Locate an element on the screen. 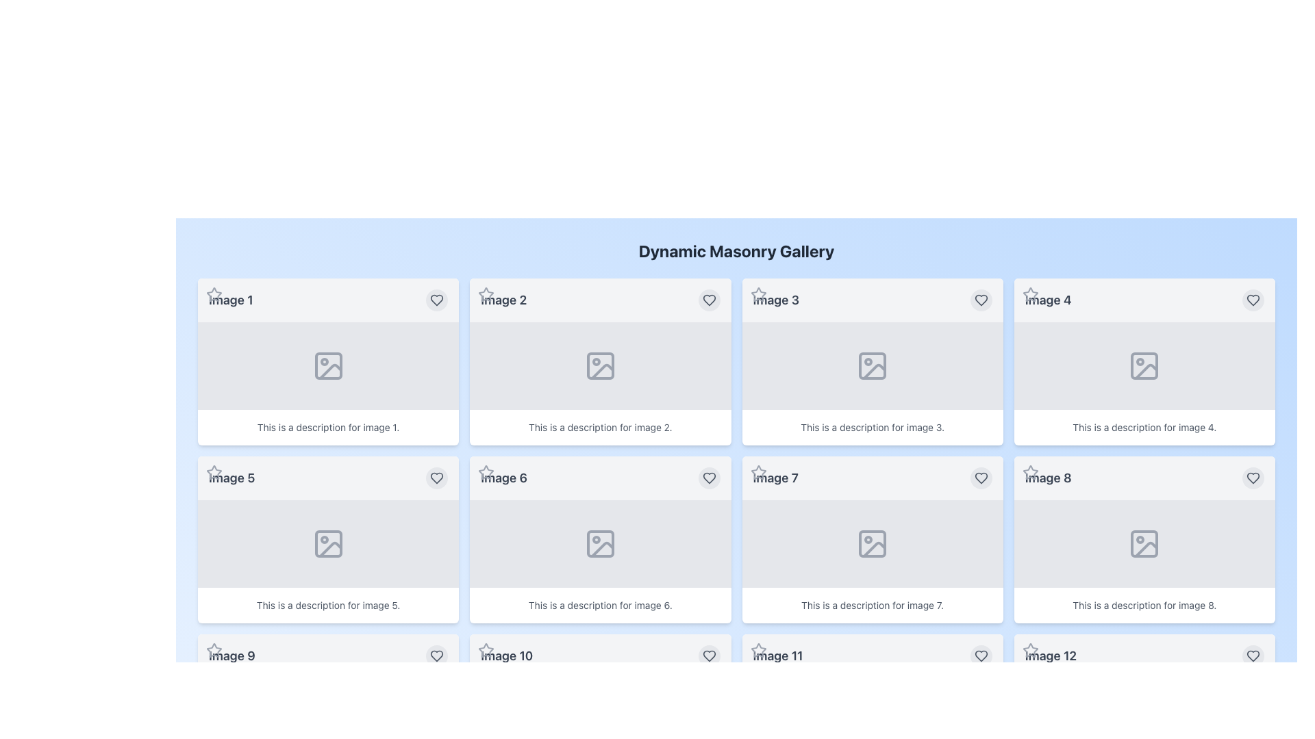 The height and width of the screenshot is (739, 1315). properties of the small rectangle with rounded corners located inside the gray photograph icon in the top-left corner of the first box in the masonry gallery layout is located at coordinates (327, 365).